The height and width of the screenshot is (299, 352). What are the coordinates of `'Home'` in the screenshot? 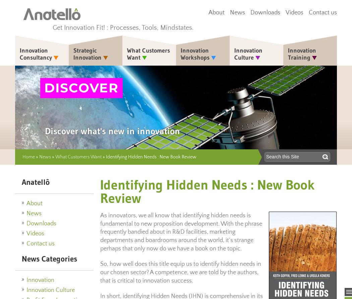 It's located at (28, 156).